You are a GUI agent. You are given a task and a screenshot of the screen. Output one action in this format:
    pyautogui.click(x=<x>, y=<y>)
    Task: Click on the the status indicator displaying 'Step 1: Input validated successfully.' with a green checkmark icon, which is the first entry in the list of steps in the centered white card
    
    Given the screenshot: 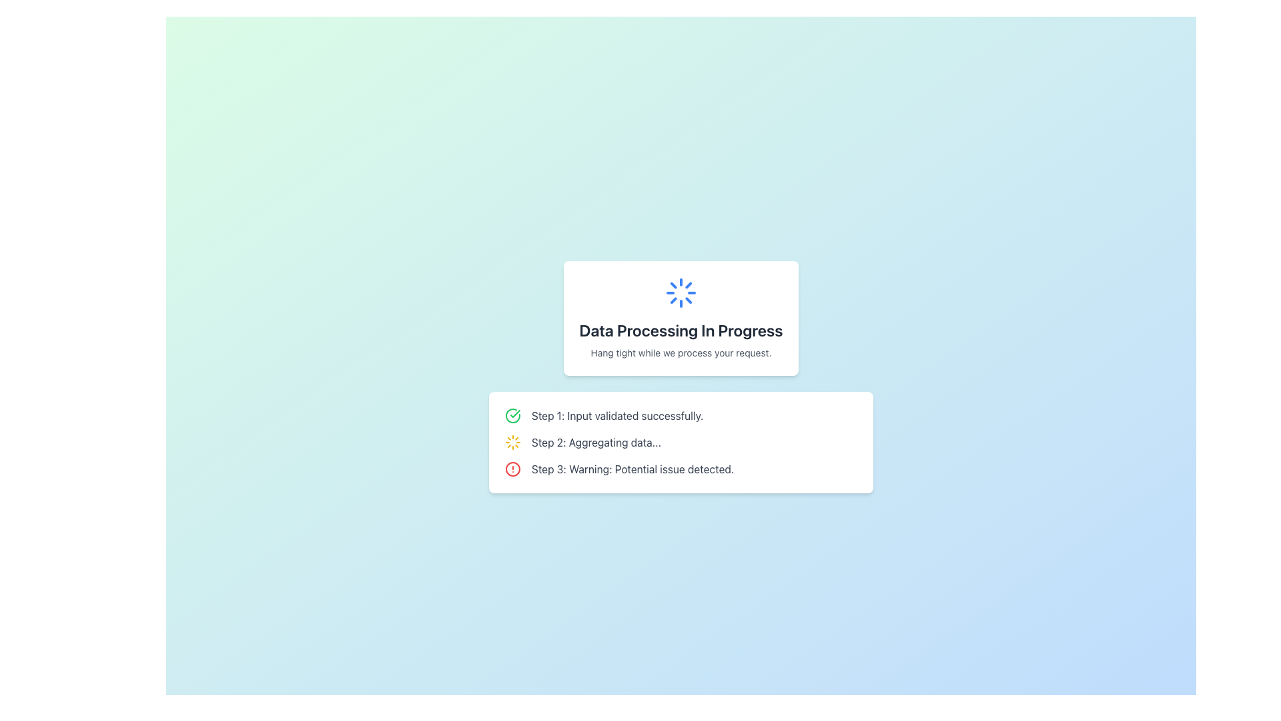 What is the action you would take?
    pyautogui.click(x=681, y=415)
    